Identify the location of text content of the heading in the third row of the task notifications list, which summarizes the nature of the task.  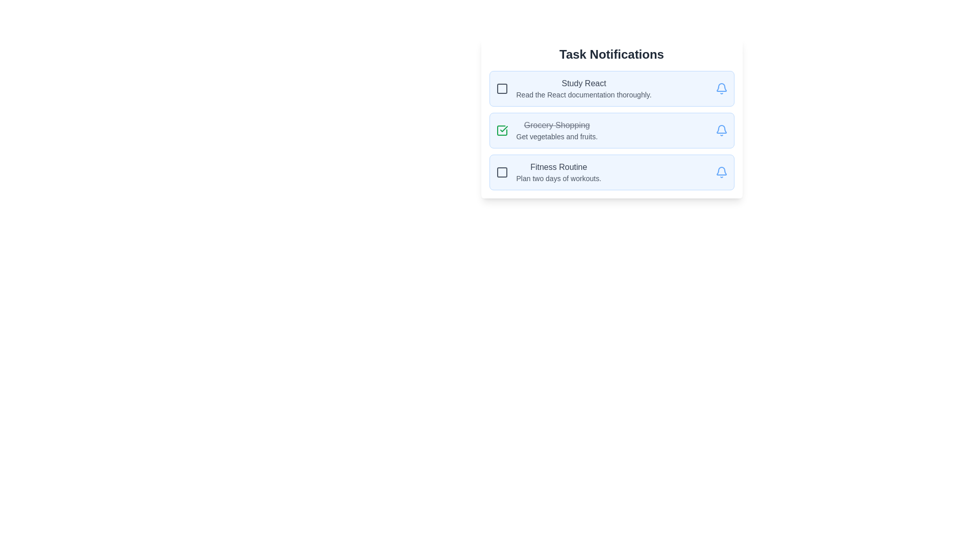
(558, 166).